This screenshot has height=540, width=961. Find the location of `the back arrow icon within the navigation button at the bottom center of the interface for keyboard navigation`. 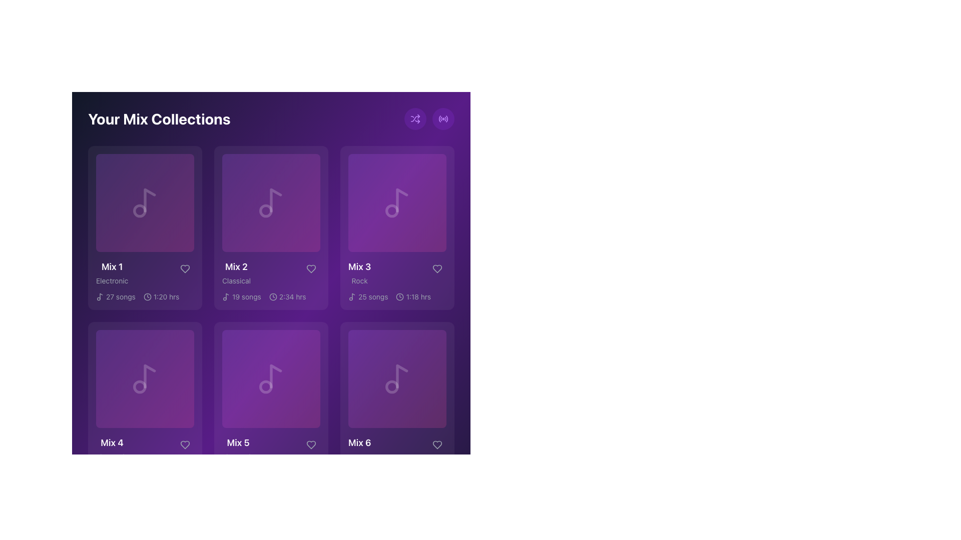

the back arrow icon within the navigation button at the bottom center of the interface for keyboard navigation is located at coordinates (210, 511).